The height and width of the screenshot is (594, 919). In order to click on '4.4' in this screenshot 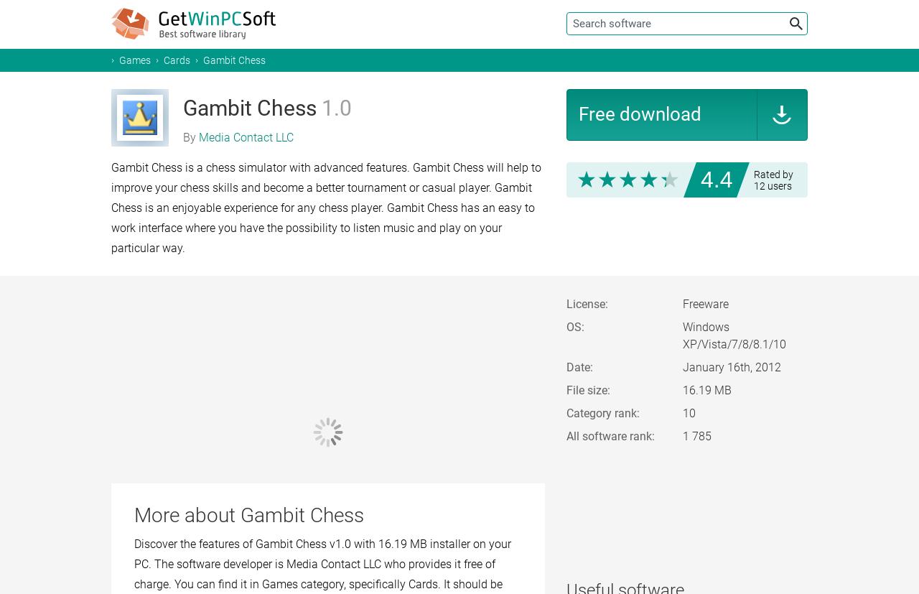, I will do `click(717, 179)`.